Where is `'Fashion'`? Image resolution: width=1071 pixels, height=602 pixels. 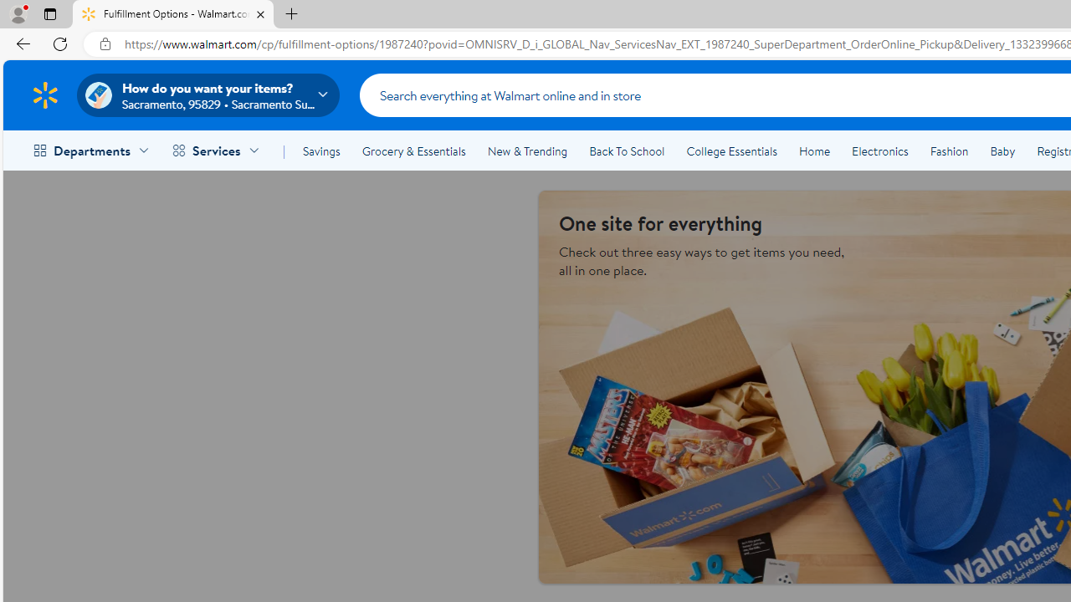
'Fashion' is located at coordinates (949, 151).